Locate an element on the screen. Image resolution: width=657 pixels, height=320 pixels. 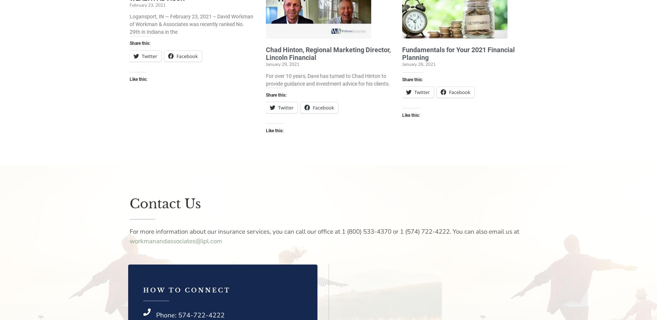
'February 23, 2021' is located at coordinates (147, 4).